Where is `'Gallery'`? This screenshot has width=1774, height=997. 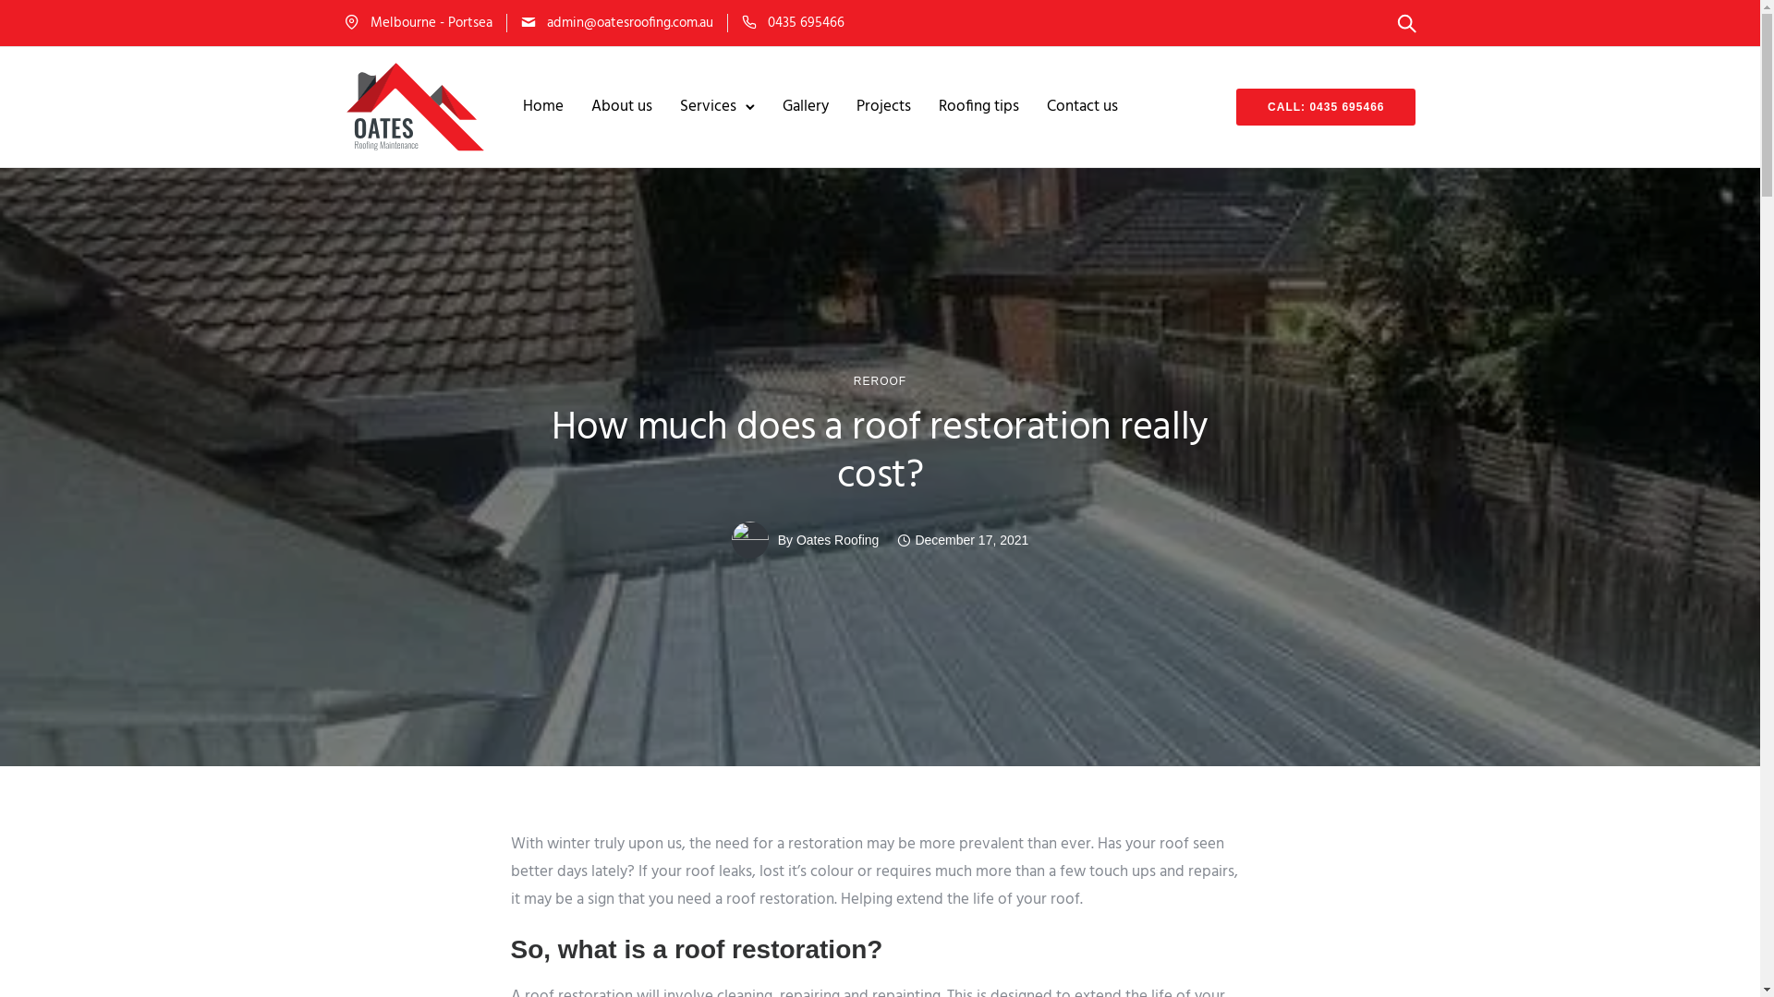
'Gallery' is located at coordinates (772, 106).